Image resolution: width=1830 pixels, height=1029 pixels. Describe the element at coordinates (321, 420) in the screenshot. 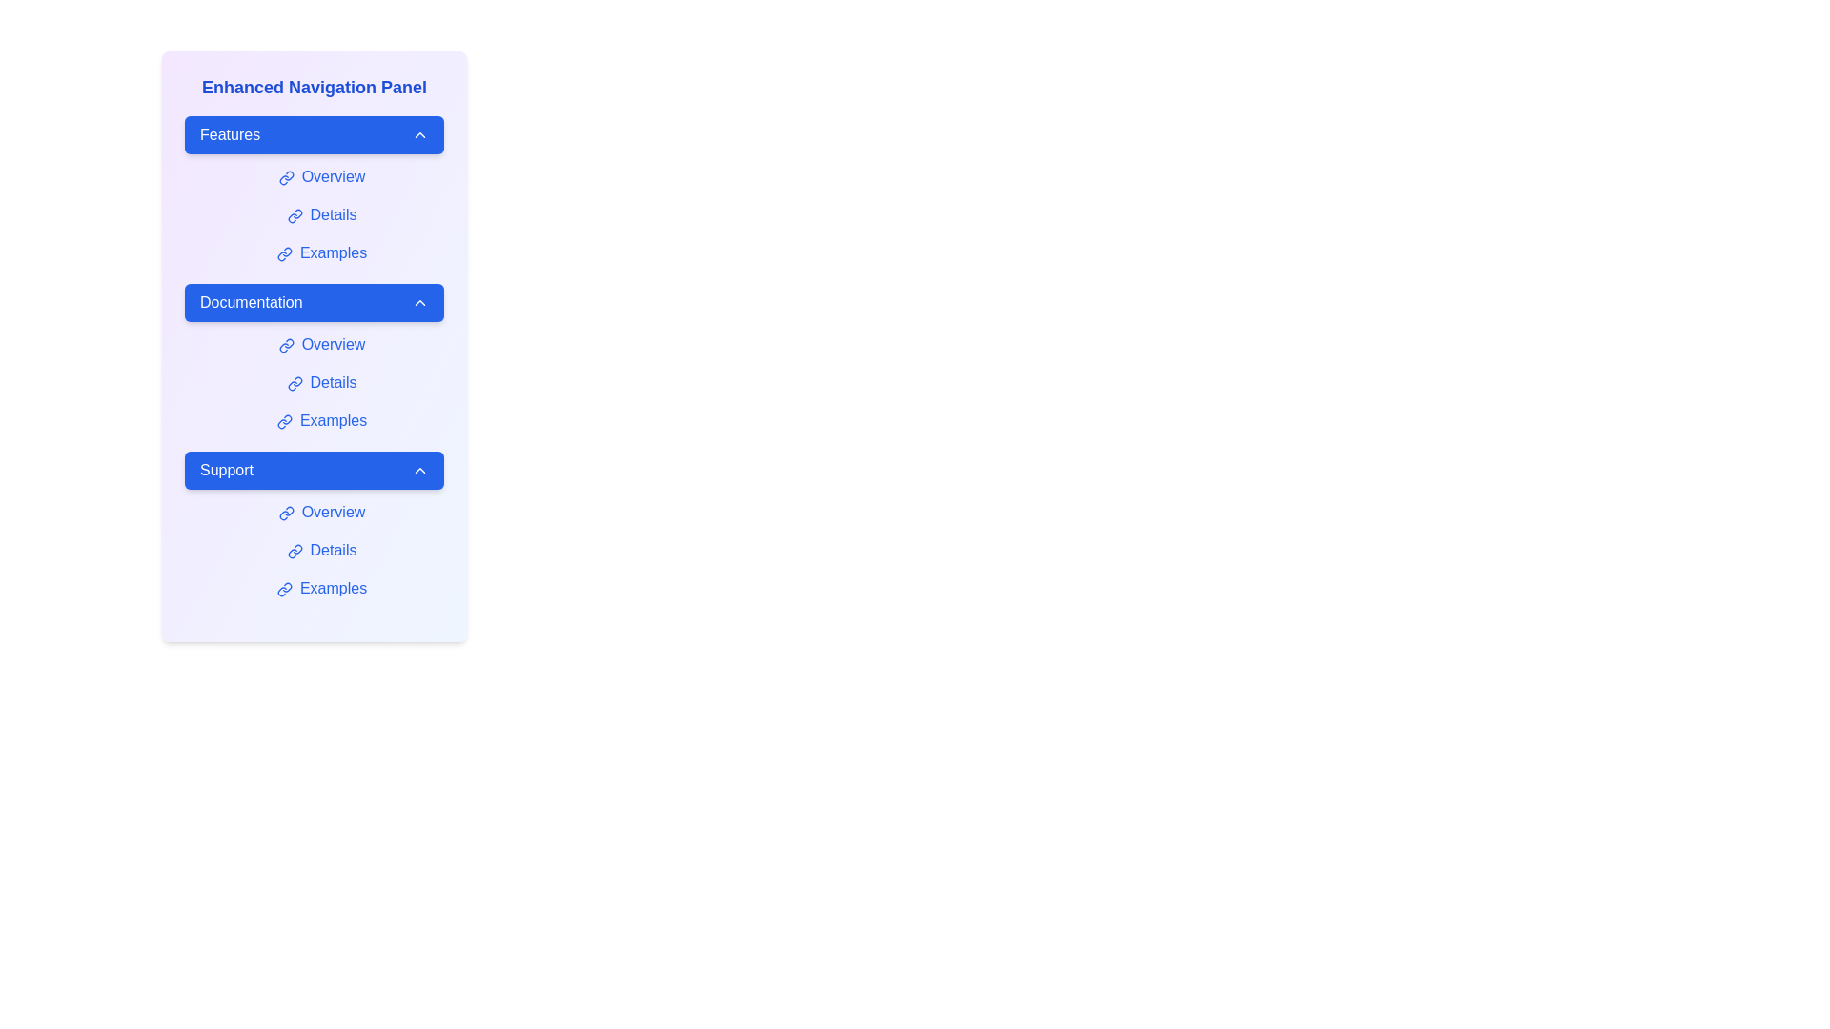

I see `the 'Examples' hyperlink located in the 'Documentation' section of the navigation panel` at that location.